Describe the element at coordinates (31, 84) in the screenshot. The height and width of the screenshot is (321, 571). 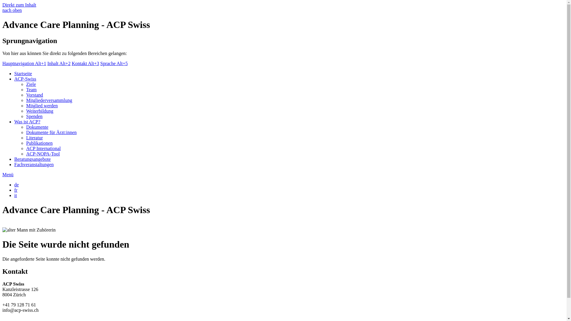
I see `'Ziele'` at that location.